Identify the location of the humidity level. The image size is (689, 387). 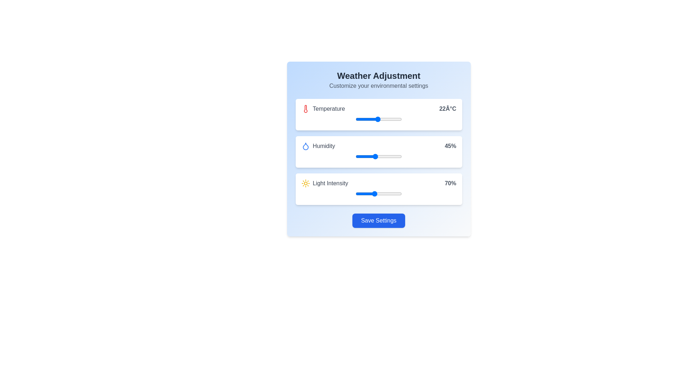
(377, 156).